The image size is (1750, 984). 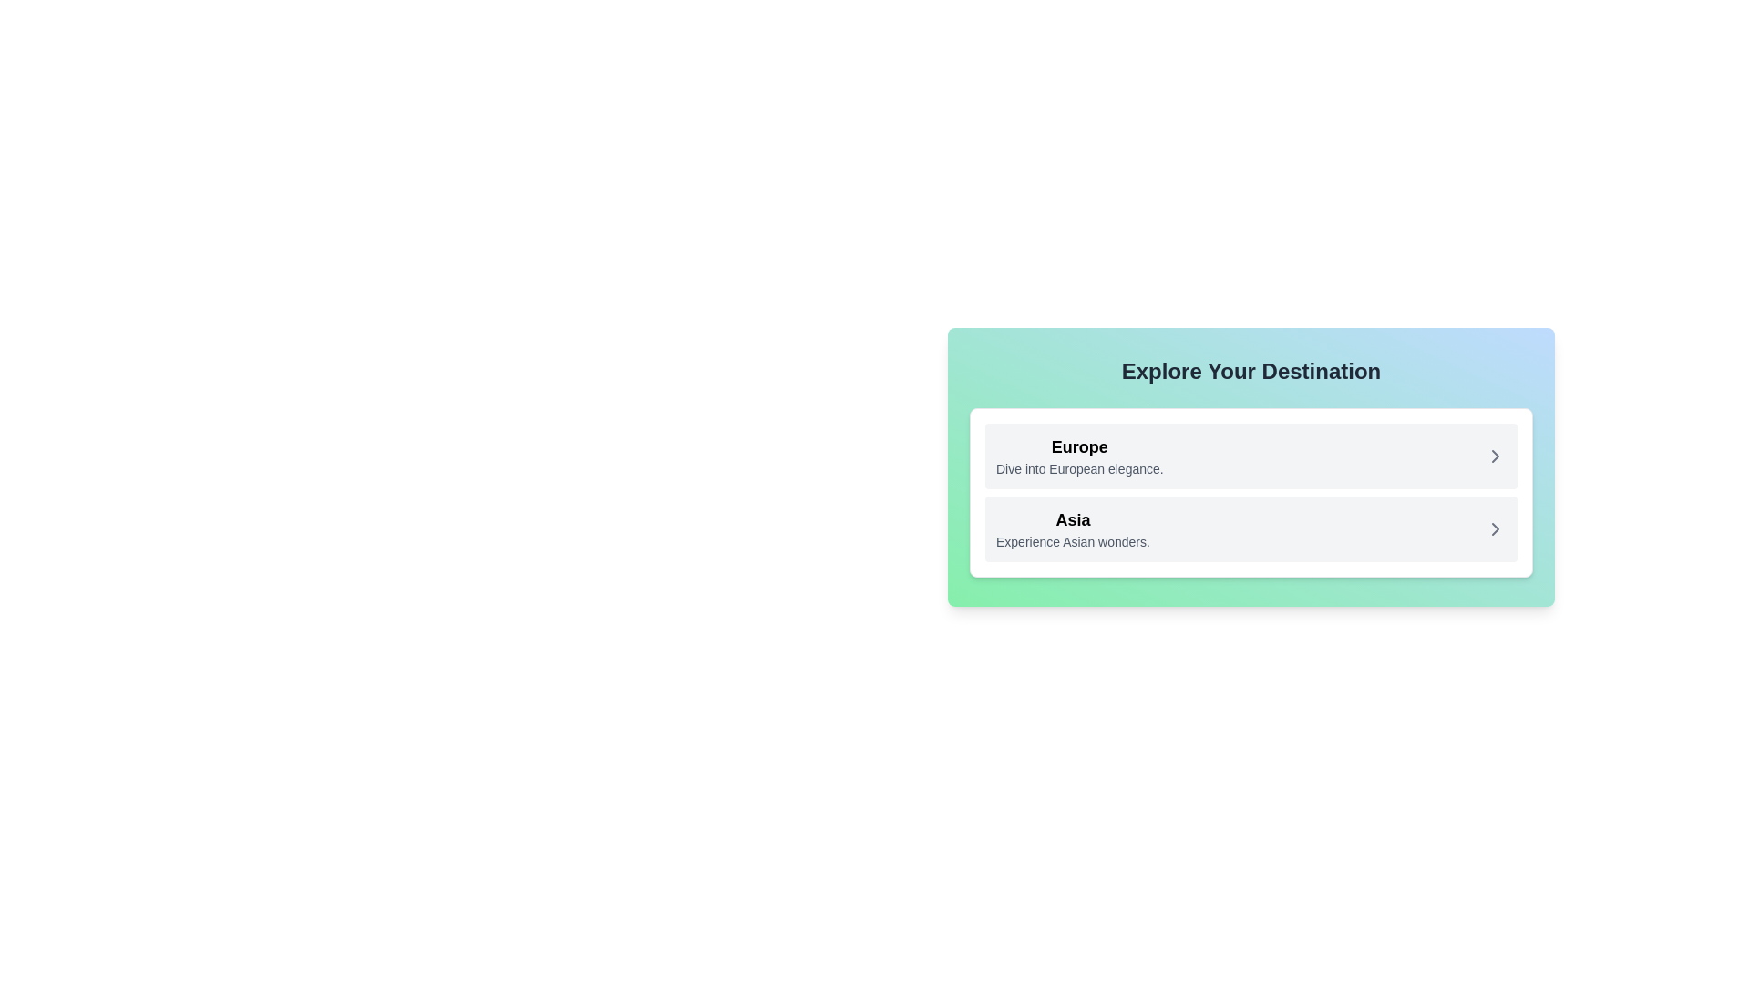 I want to click on the Text label identifying the category 'Asia' within the interface, which serves as the main title for its associated list item, so click(x=1073, y=519).